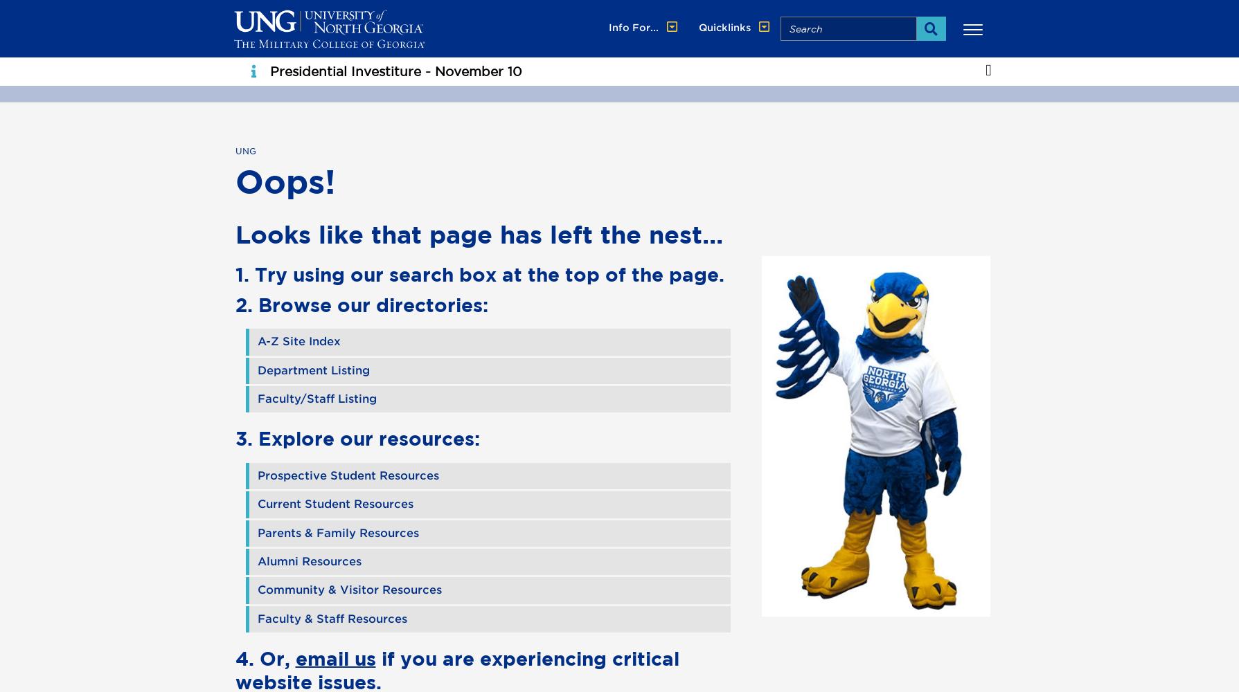 This screenshot has height=692, width=1239. What do you see at coordinates (479, 273) in the screenshot?
I see `'1. Try using our search box at the top of the page.'` at bounding box center [479, 273].